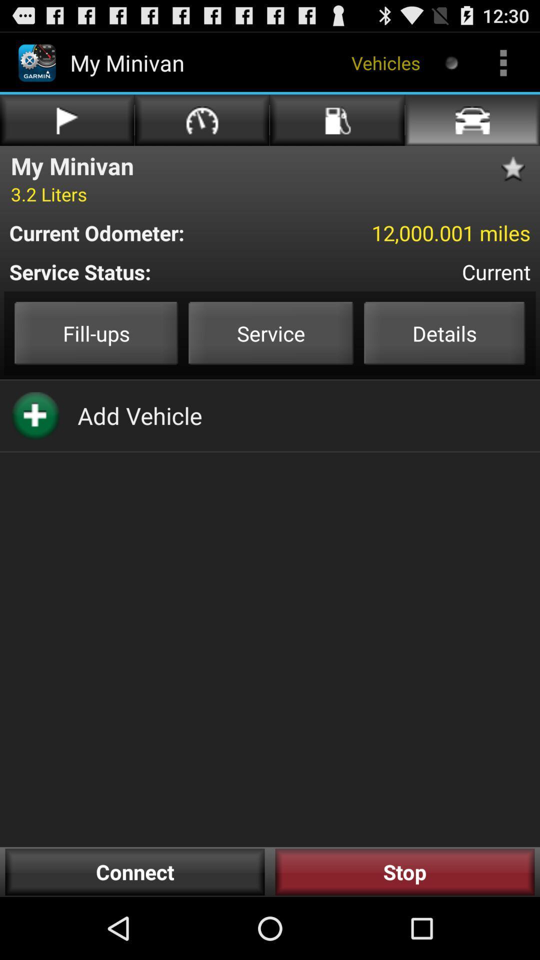 The height and width of the screenshot is (960, 540). What do you see at coordinates (143, 232) in the screenshot?
I see `the item below the 3.2 liters icon` at bounding box center [143, 232].